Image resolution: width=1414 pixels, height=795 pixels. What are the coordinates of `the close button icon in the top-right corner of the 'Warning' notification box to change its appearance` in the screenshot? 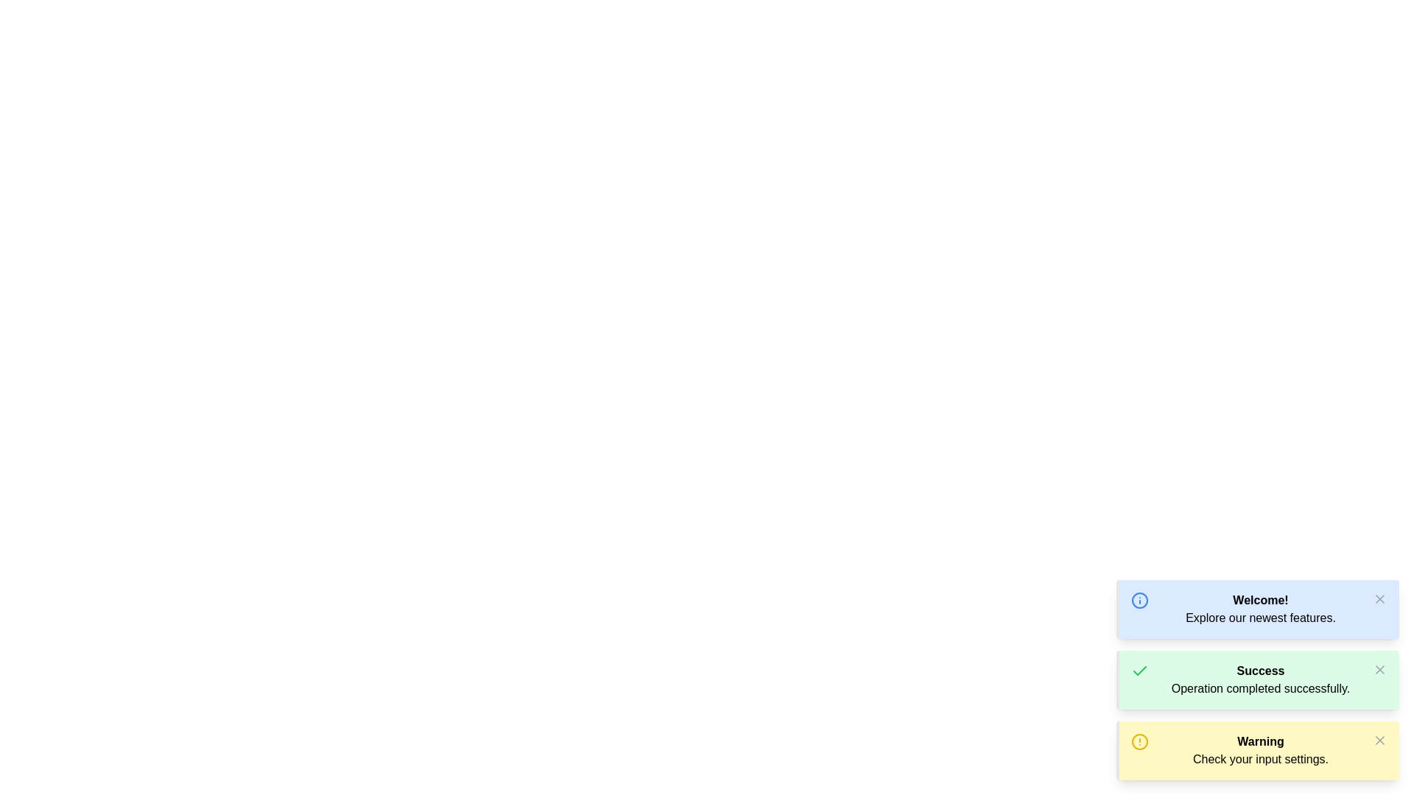 It's located at (1379, 741).